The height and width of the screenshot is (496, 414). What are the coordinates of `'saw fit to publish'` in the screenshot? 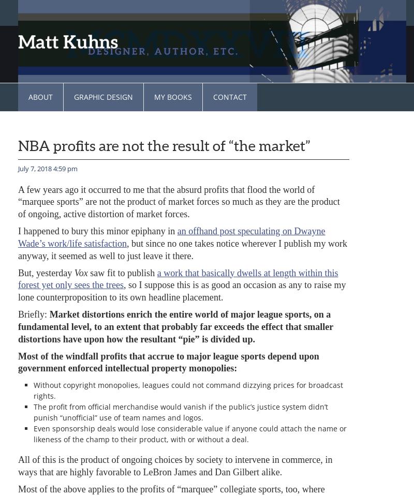 It's located at (86, 272).